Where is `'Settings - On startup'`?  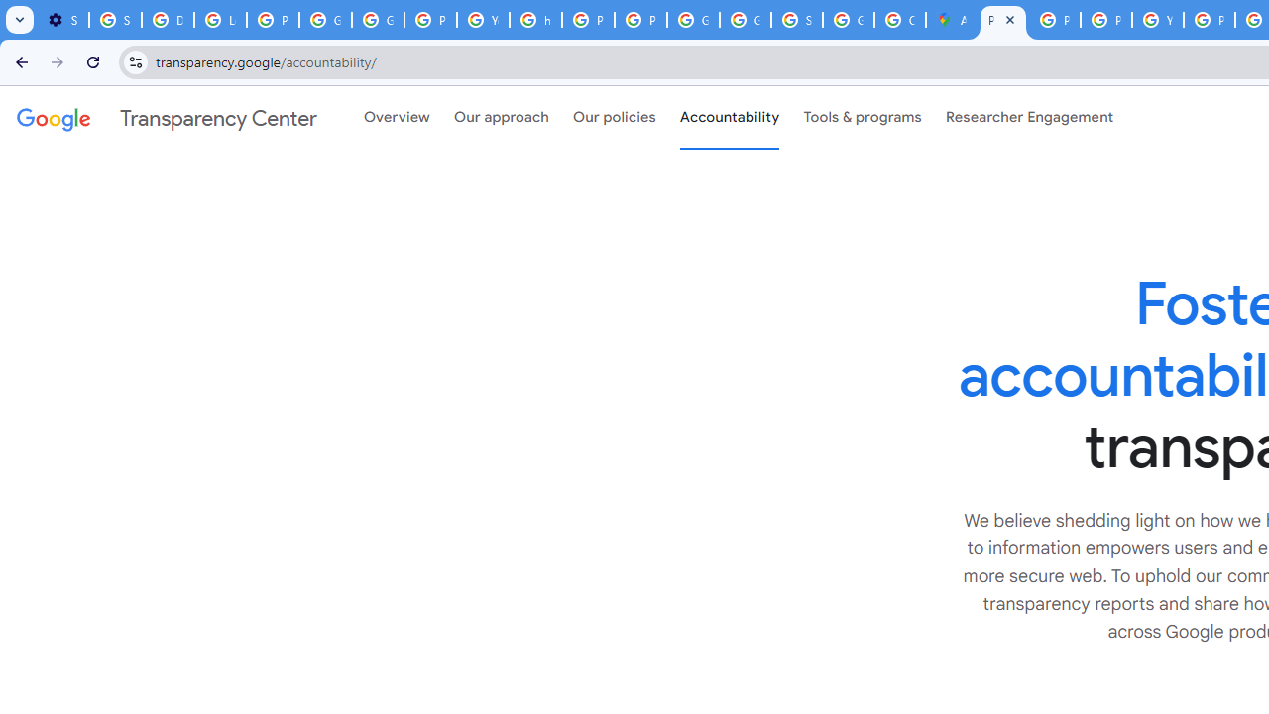 'Settings - On startup' is located at coordinates (62, 20).